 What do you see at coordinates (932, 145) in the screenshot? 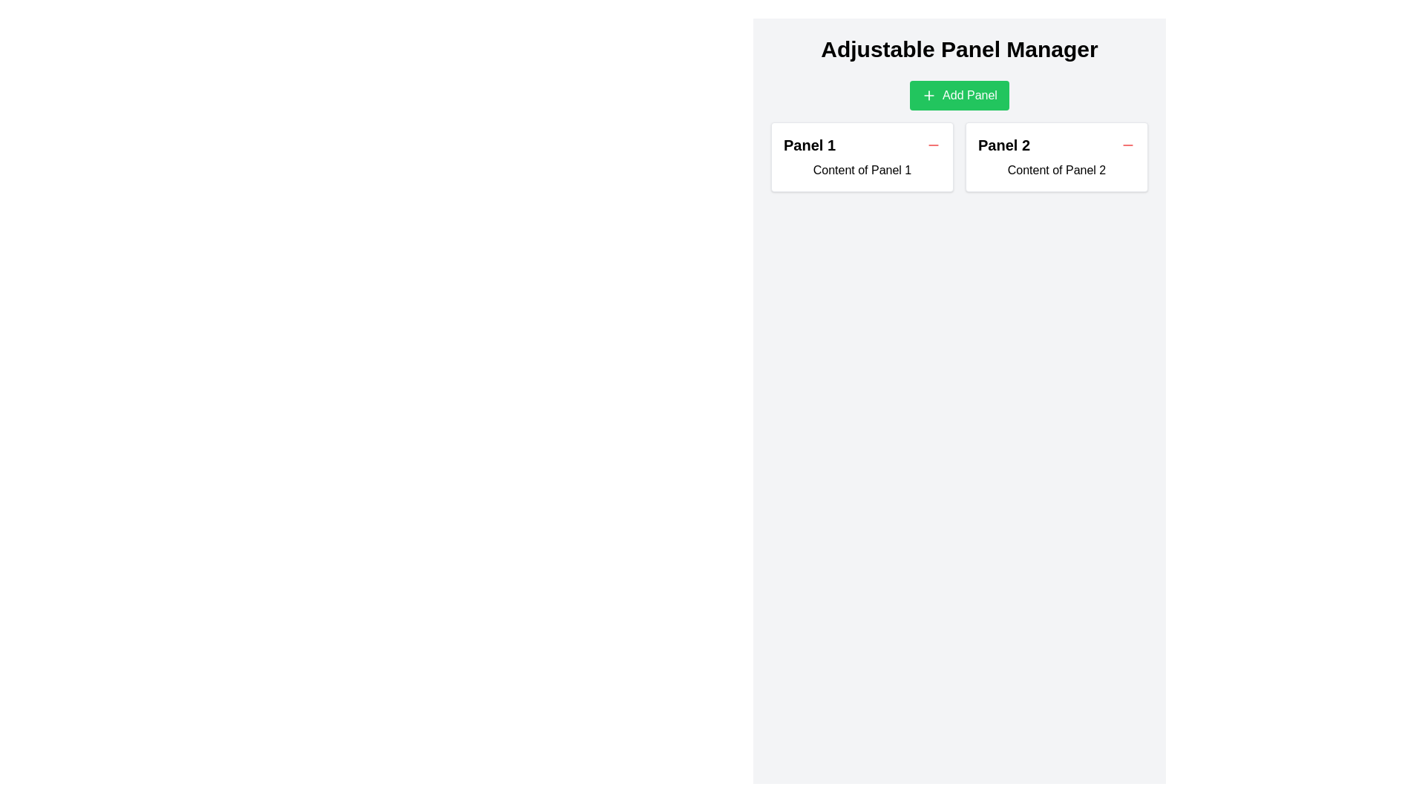
I see `the red circular minus icon located` at bounding box center [932, 145].